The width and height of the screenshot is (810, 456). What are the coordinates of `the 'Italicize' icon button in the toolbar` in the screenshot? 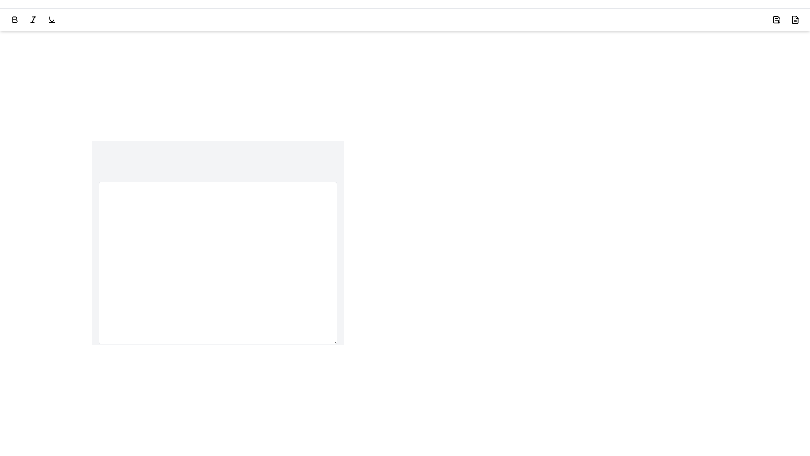 It's located at (33, 19).